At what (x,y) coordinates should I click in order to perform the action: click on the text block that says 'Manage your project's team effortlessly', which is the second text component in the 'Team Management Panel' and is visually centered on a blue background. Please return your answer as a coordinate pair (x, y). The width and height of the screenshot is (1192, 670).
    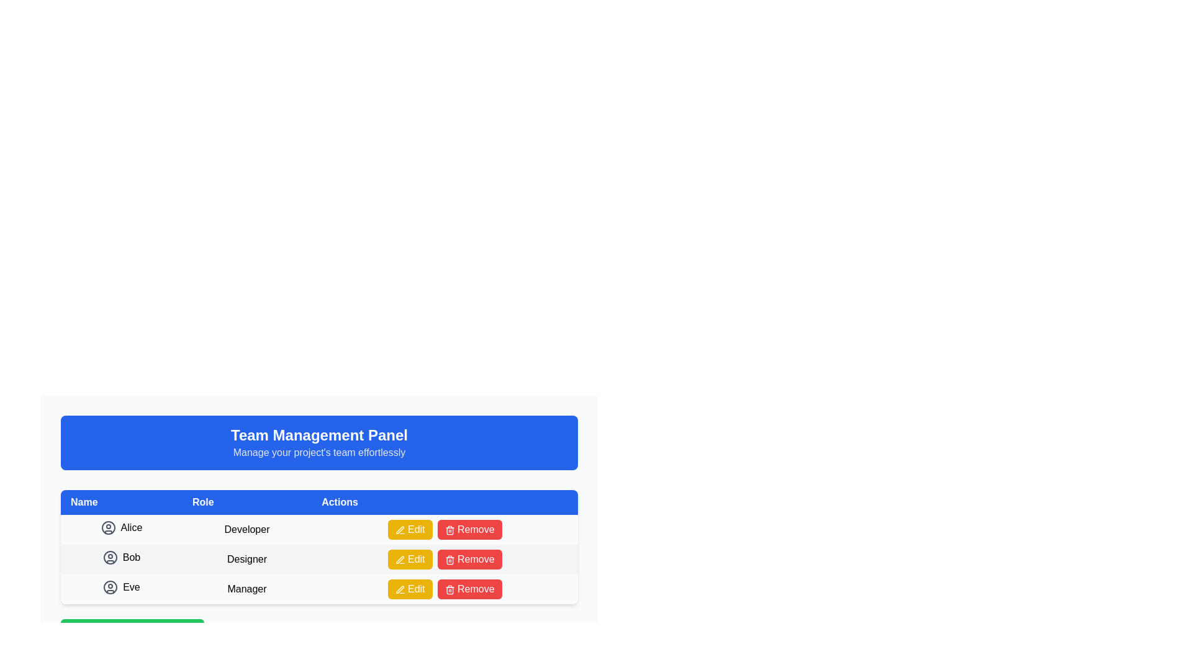
    Looking at the image, I should click on (319, 452).